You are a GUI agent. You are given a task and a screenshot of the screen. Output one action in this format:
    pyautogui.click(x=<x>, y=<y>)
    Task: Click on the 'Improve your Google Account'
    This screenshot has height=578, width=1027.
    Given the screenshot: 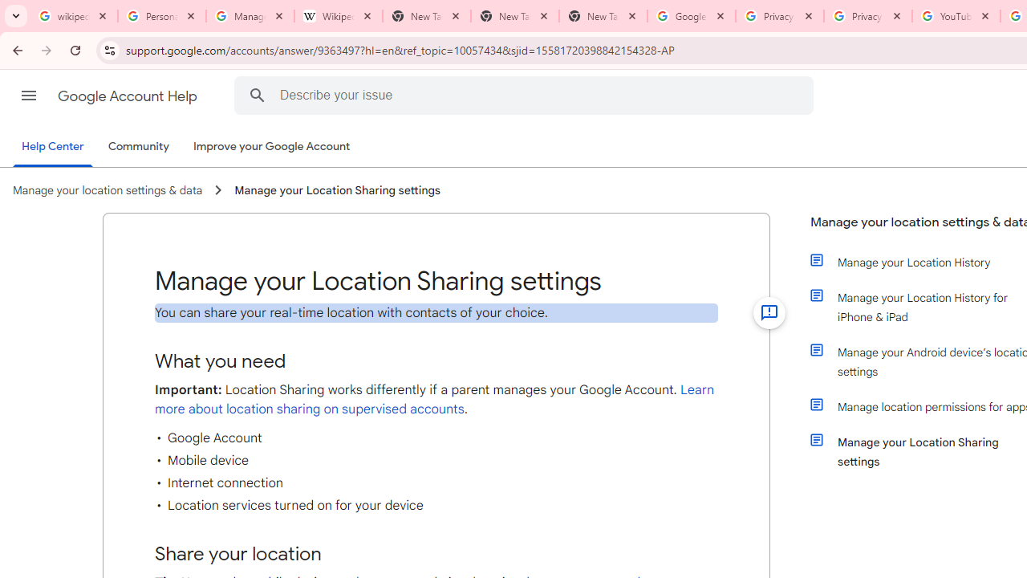 What is the action you would take?
    pyautogui.click(x=272, y=147)
    